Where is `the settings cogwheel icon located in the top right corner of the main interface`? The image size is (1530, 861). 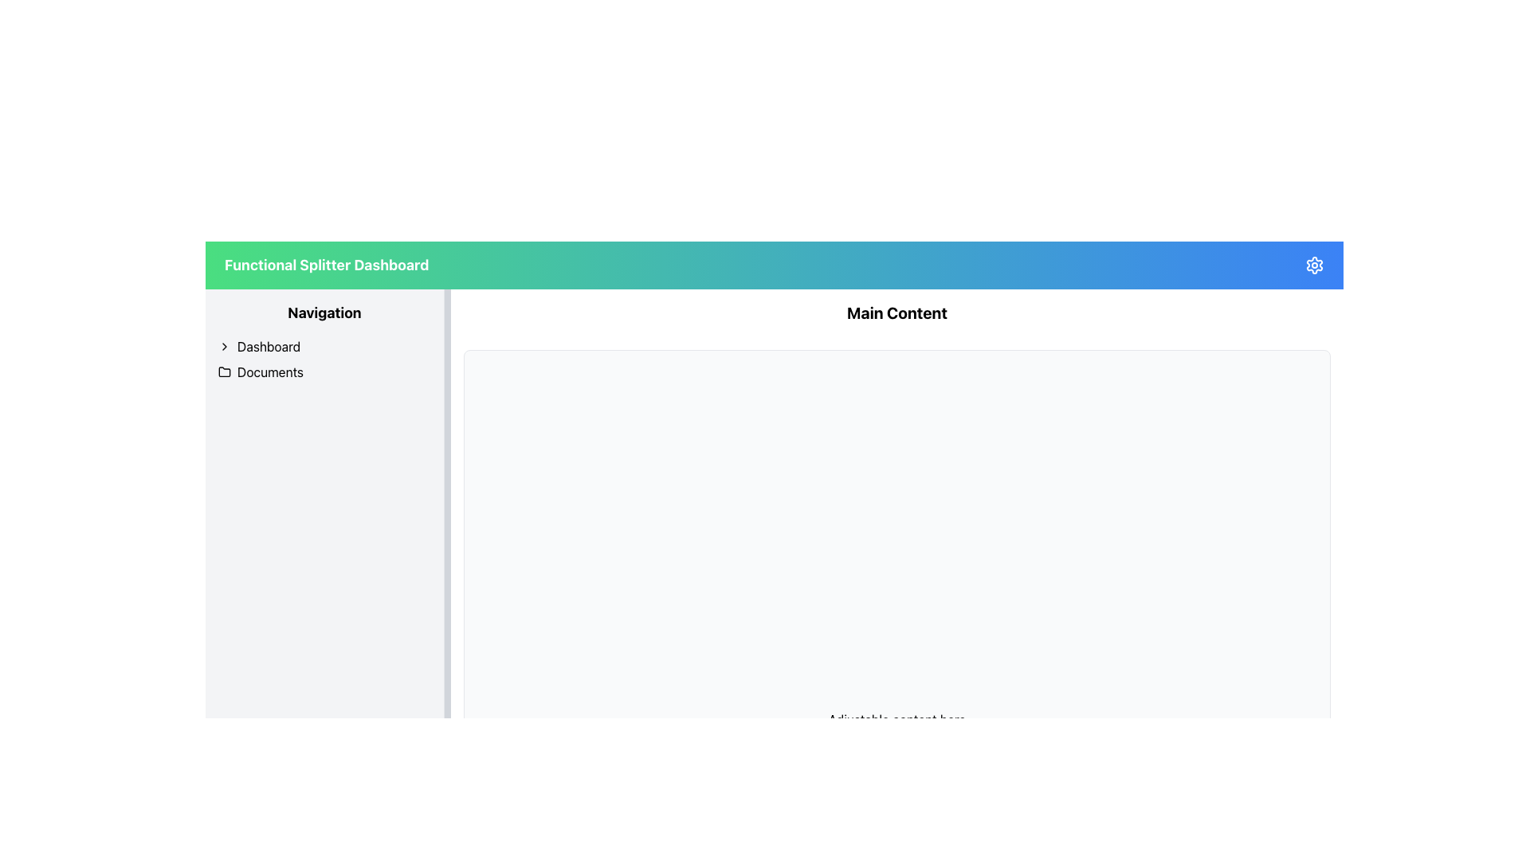
the settings cogwheel icon located in the top right corner of the main interface is located at coordinates (1315, 264).